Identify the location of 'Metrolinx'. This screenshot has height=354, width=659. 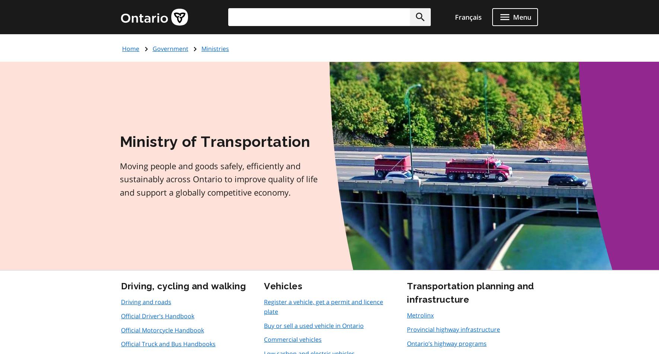
(420, 315).